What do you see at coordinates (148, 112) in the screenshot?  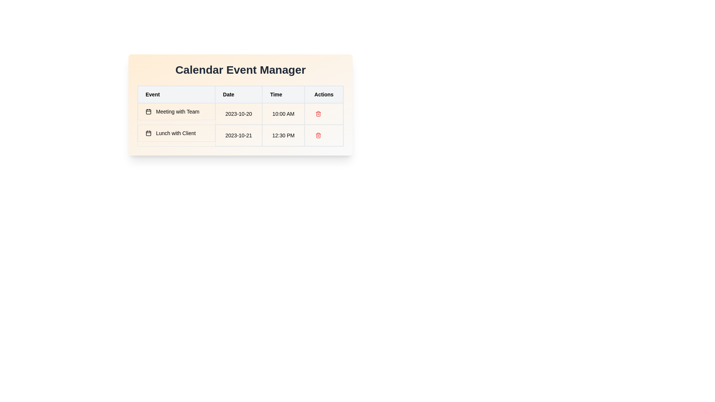 I see `the calendar icon located at the far-left side of the 'Meeting with Team' row in the event table` at bounding box center [148, 112].